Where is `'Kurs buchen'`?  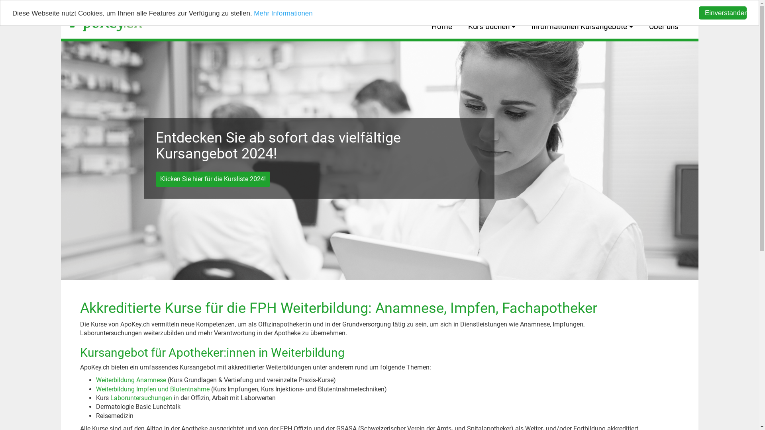
'Kurs buchen' is located at coordinates (491, 26).